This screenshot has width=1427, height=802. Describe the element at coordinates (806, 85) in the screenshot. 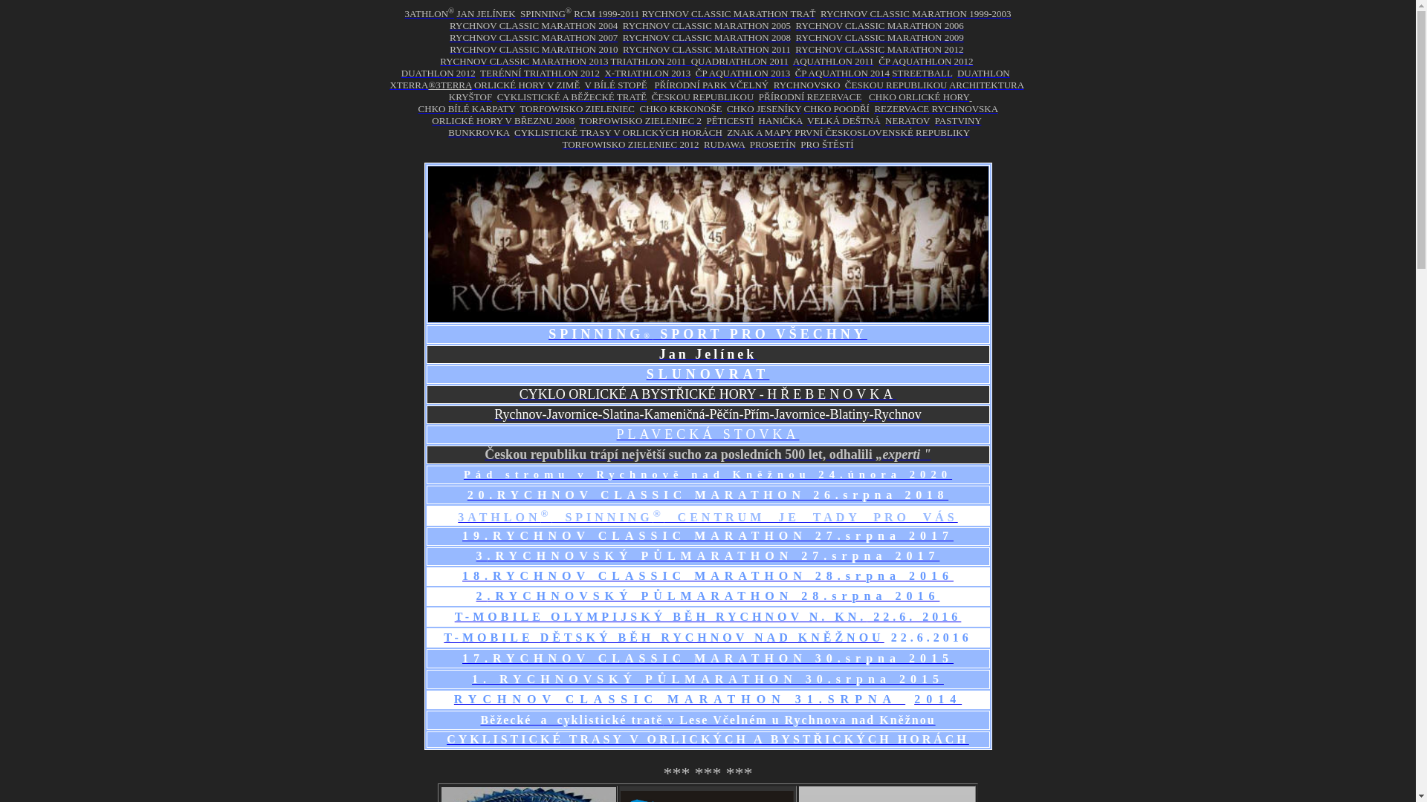

I see `'RYCHNOVSKO'` at that location.